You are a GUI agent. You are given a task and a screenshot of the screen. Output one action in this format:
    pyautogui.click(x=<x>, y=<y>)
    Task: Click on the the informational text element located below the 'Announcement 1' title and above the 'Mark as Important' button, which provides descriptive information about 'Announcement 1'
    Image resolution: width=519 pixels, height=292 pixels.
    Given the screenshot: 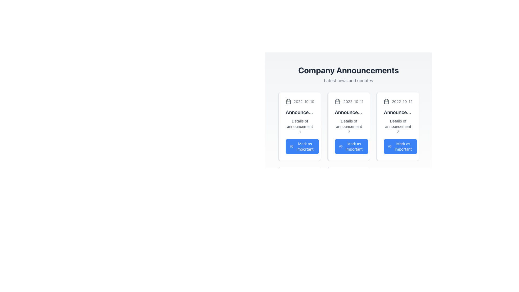 What is the action you would take?
    pyautogui.click(x=300, y=126)
    